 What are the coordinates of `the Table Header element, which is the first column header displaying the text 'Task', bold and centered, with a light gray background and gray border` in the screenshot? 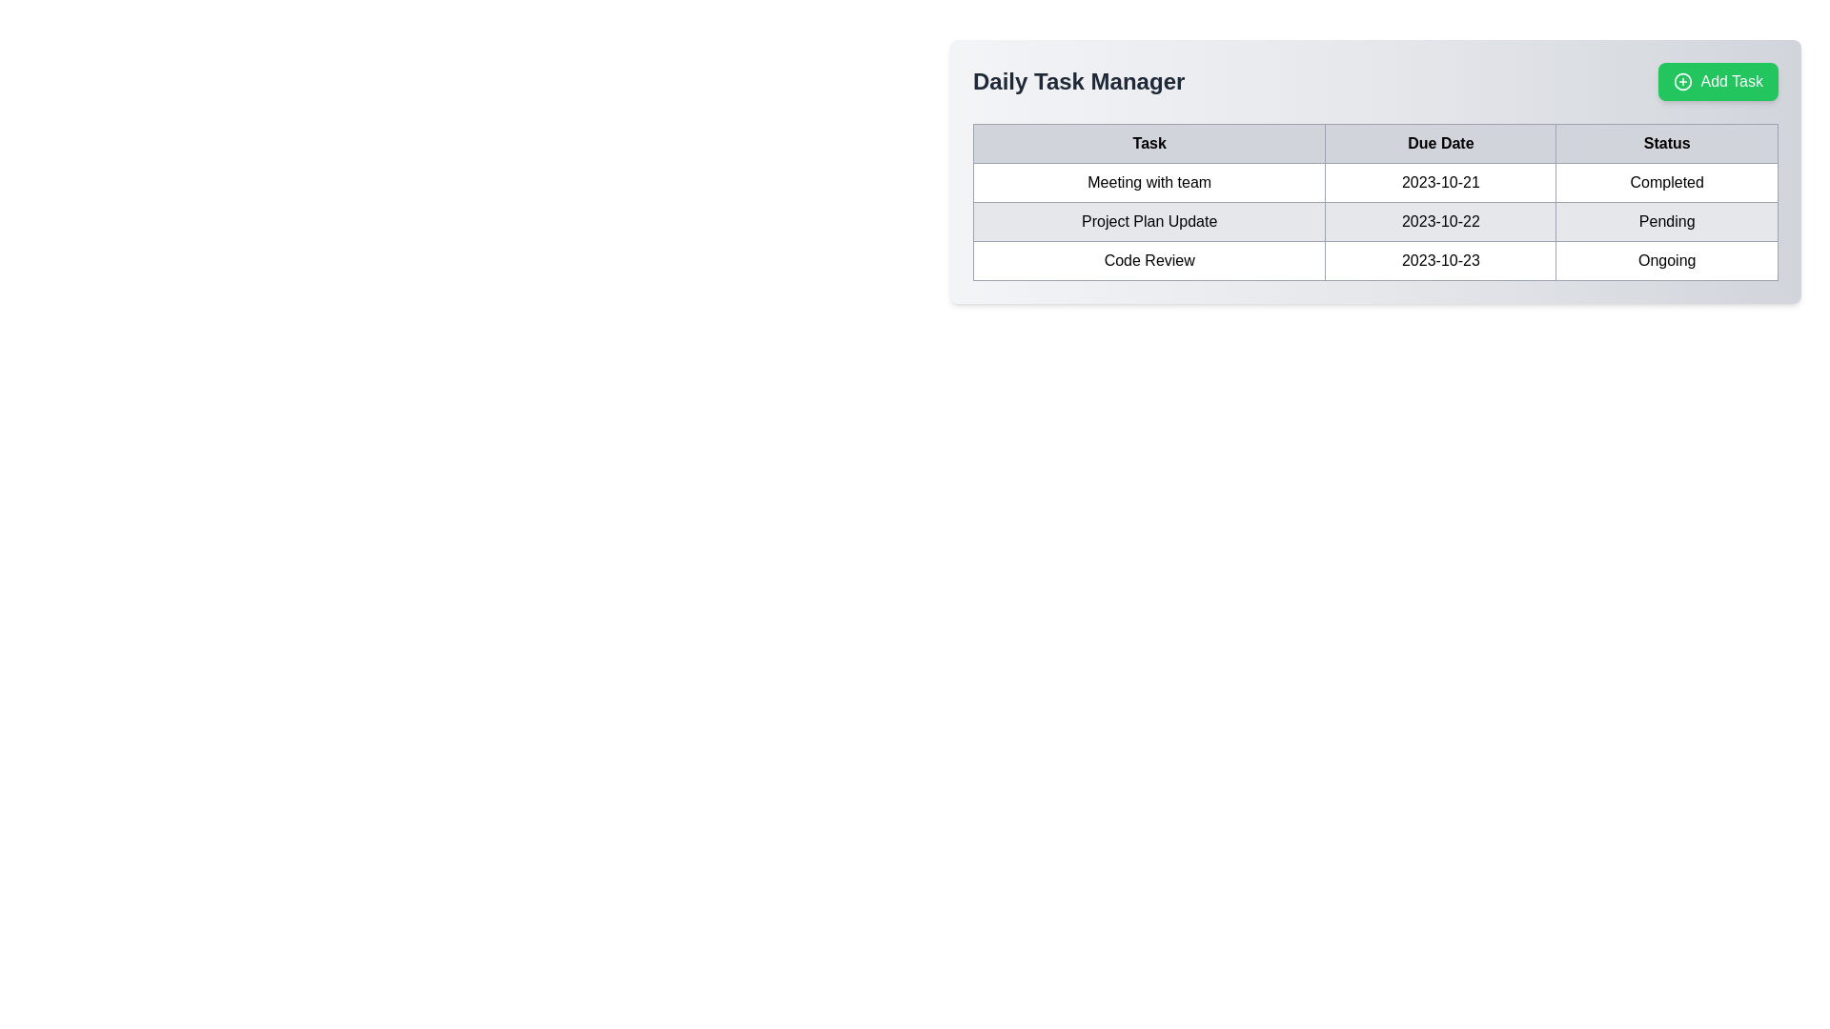 It's located at (1149, 142).